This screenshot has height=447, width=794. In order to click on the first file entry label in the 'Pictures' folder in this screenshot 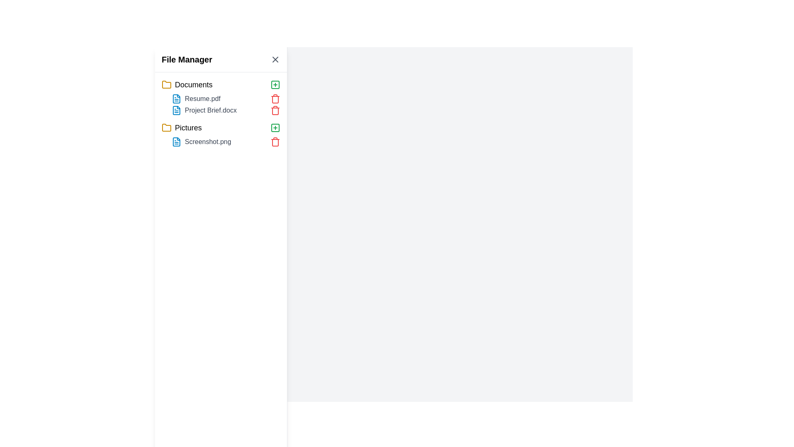, I will do `click(226, 142)`.